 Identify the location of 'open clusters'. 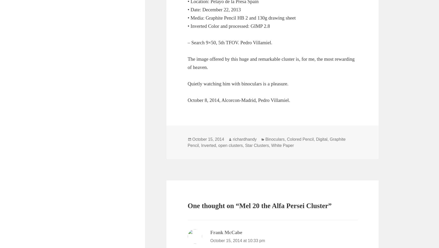
(230, 145).